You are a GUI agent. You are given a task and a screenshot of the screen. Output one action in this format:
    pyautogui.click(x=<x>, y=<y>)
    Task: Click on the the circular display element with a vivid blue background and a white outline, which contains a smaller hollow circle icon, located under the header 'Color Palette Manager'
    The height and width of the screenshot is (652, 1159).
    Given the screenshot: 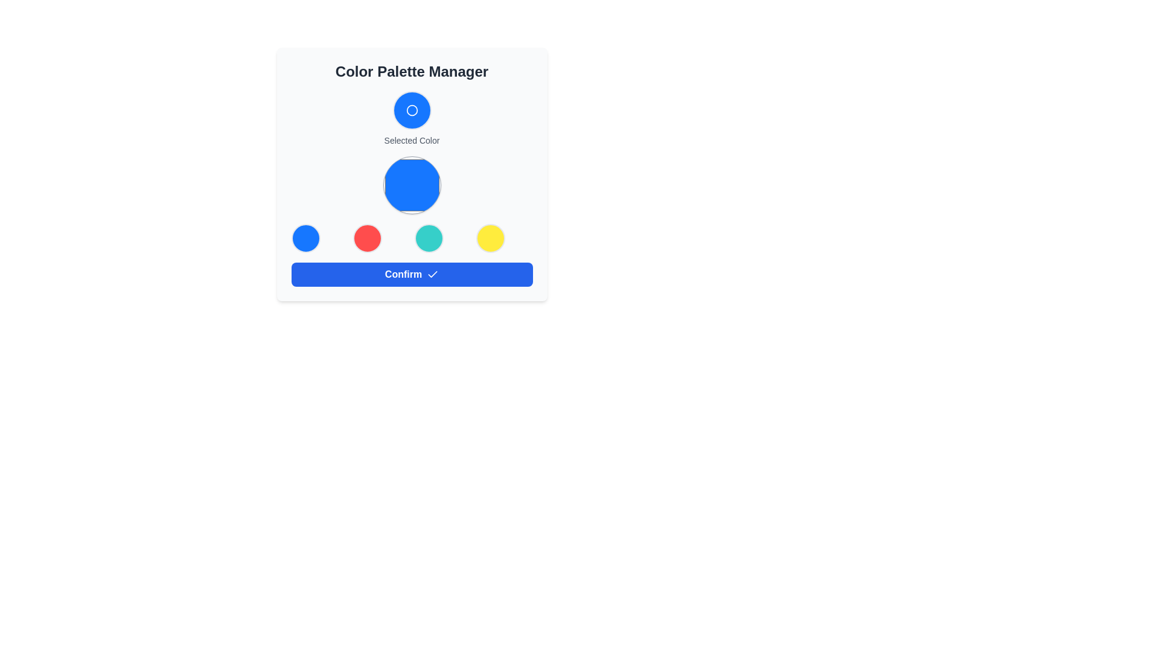 What is the action you would take?
    pyautogui.click(x=412, y=110)
    